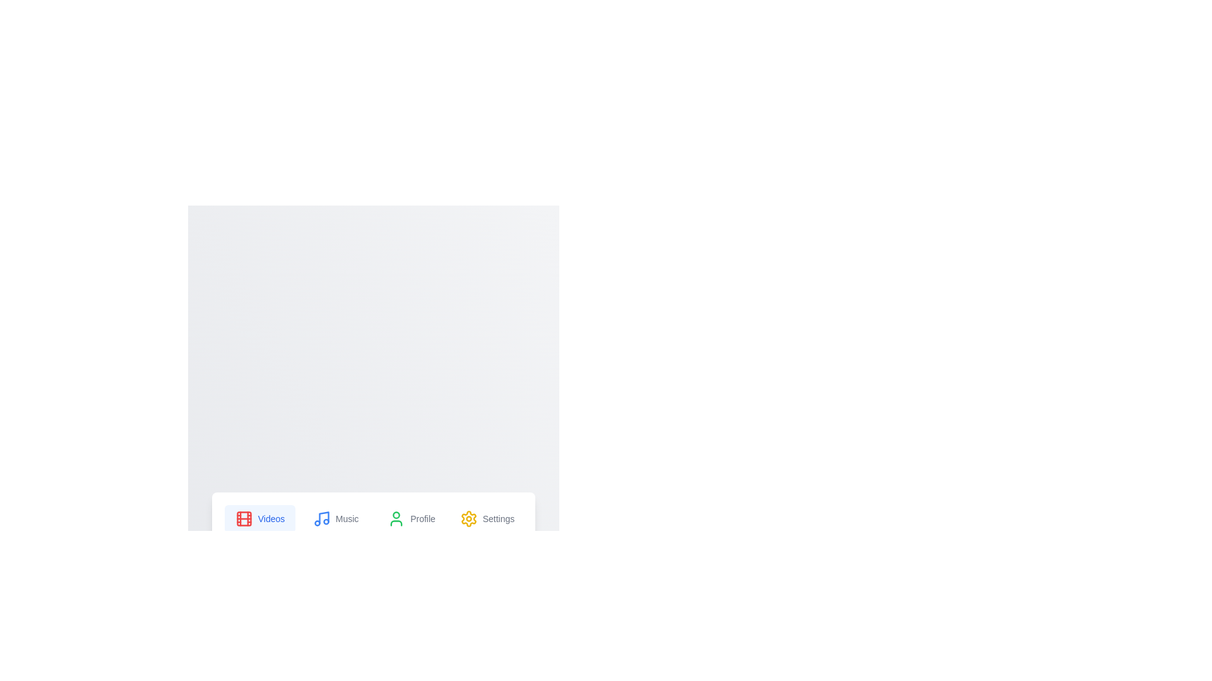 This screenshot has height=681, width=1212. Describe the element at coordinates (487, 518) in the screenshot. I see `the Settings tab to switch its content` at that location.